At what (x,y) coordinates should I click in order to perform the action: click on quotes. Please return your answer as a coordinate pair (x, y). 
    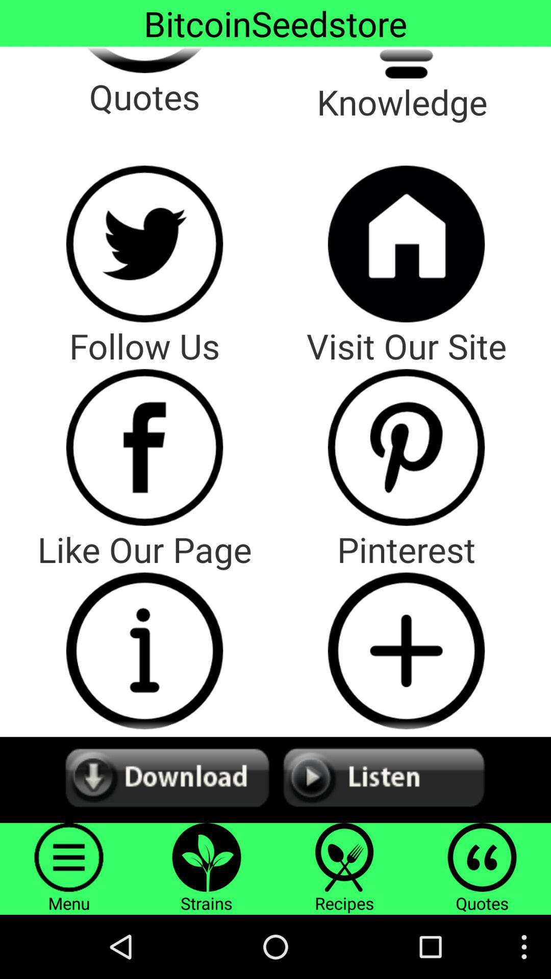
    Looking at the image, I should click on (144, 59).